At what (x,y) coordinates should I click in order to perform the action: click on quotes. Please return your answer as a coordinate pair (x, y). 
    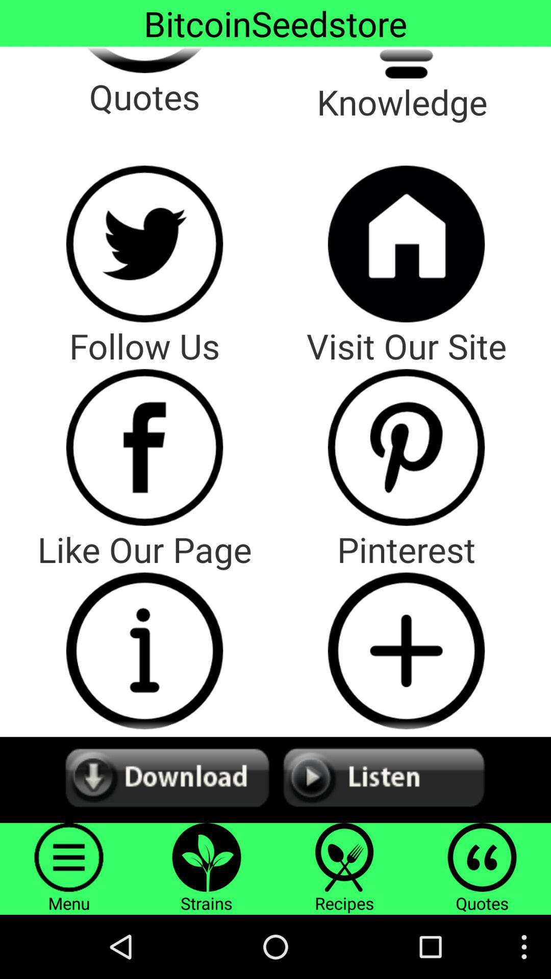
    Looking at the image, I should click on (144, 59).